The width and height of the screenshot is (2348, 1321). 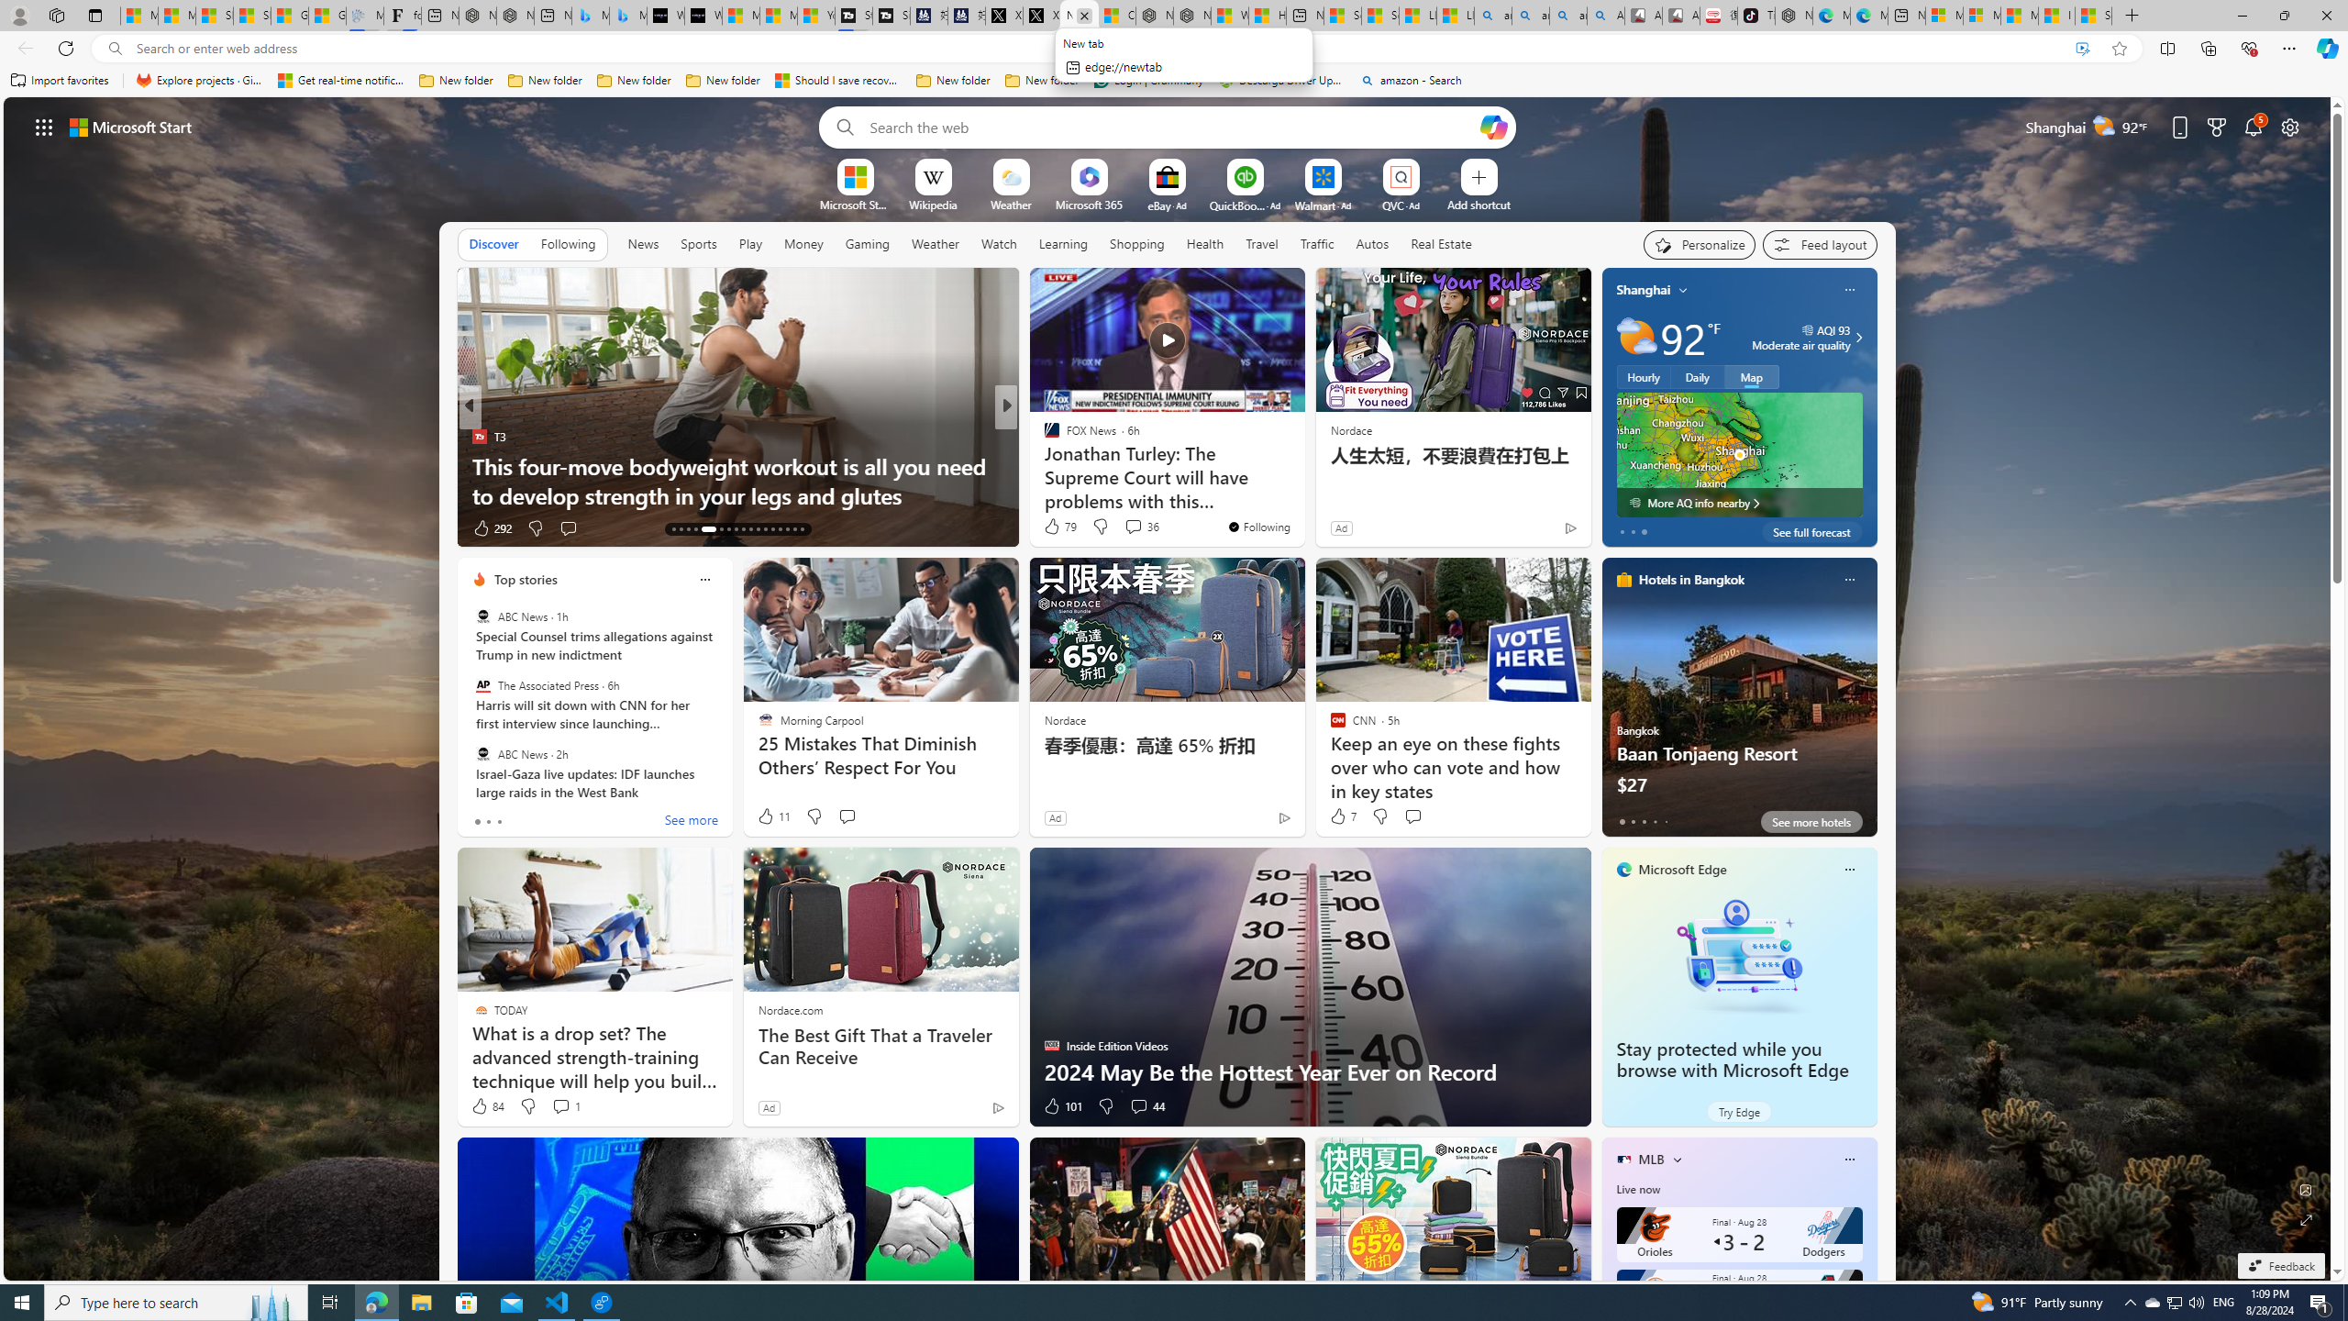 What do you see at coordinates (56, 15) in the screenshot?
I see `'Workspaces'` at bounding box center [56, 15].